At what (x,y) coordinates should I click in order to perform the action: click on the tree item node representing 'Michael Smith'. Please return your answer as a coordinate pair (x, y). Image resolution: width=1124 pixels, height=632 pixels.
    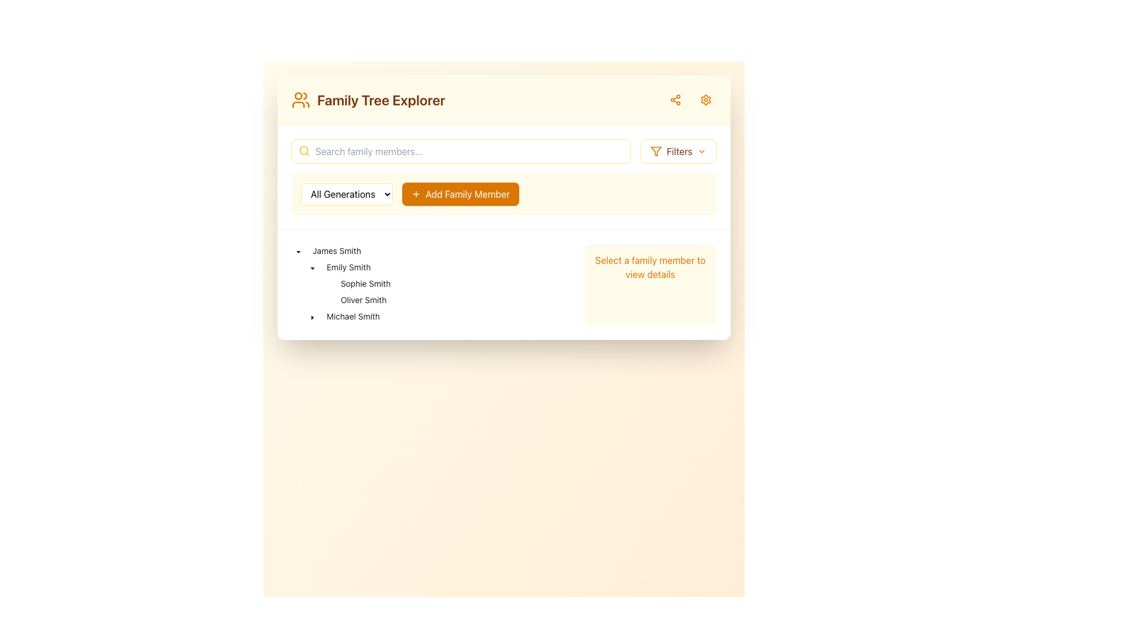
    Looking at the image, I should click on (337, 316).